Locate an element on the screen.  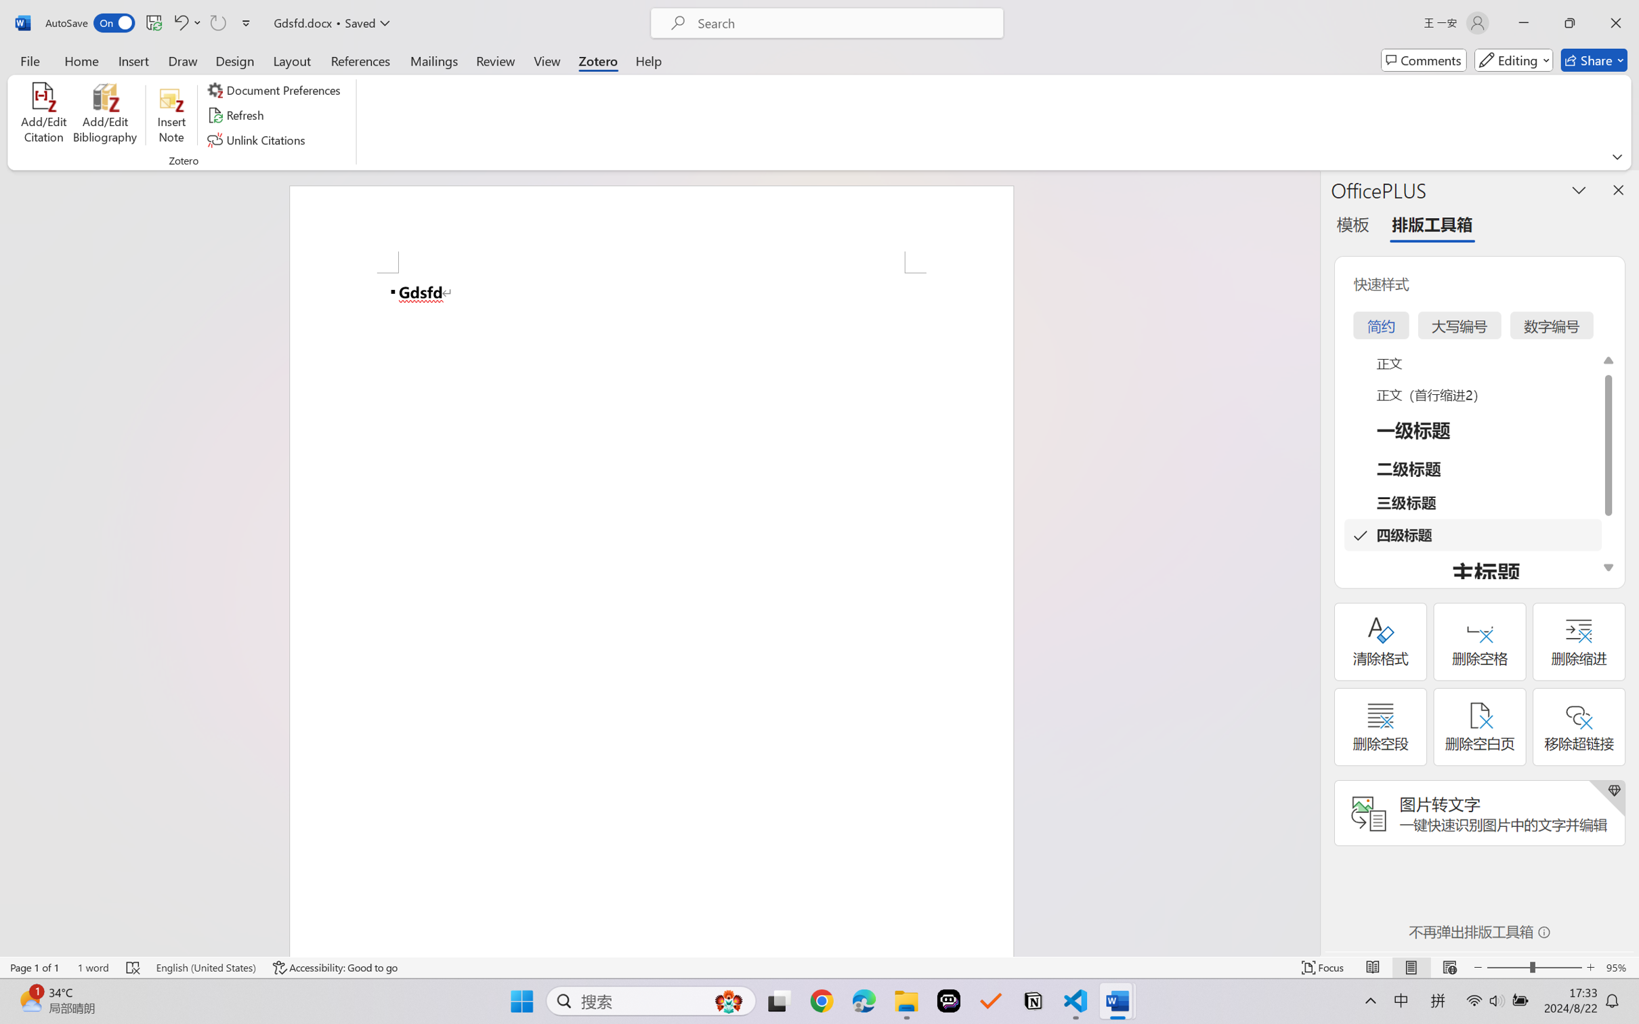
'Refresh' is located at coordinates (237, 115).